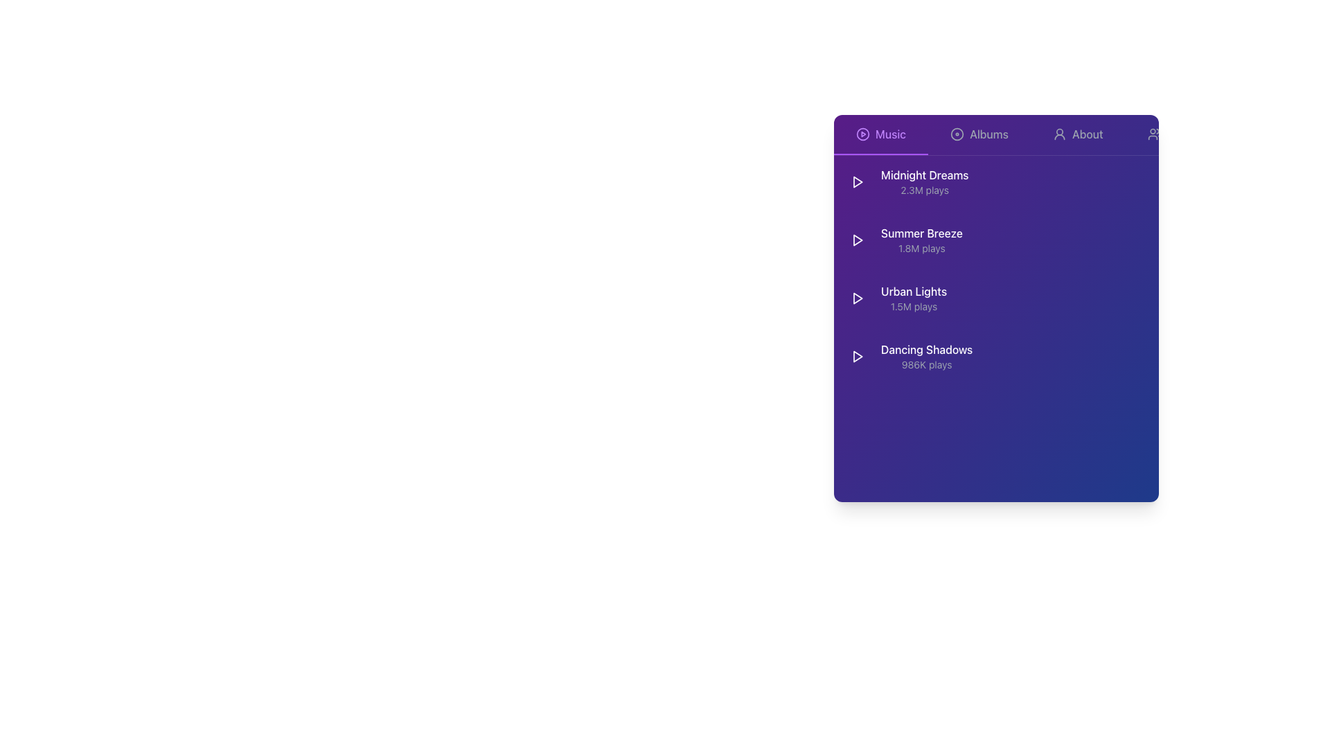  What do you see at coordinates (1142, 240) in the screenshot?
I see `the ellipsis button located to the right of the 'Summer Breeze' list item` at bounding box center [1142, 240].